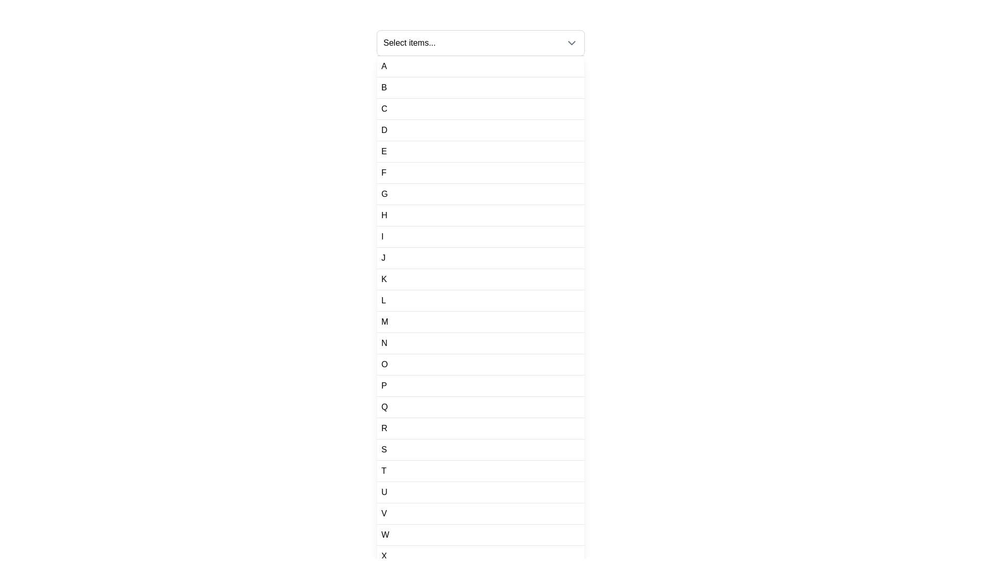 Image resolution: width=999 pixels, height=561 pixels. I want to click on the list item containing the letter 'H', which is the 8th option in a vertical alphabetical list, so click(480, 215).